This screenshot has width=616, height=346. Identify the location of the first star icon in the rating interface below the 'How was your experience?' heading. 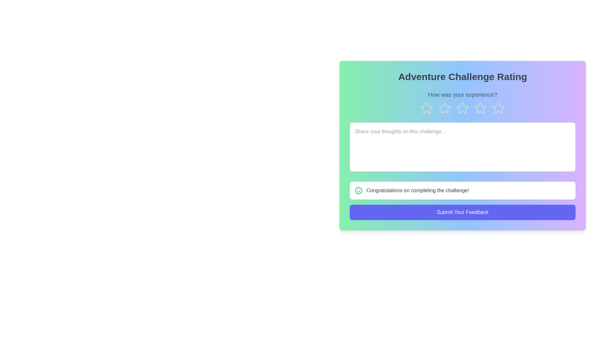
(426, 108).